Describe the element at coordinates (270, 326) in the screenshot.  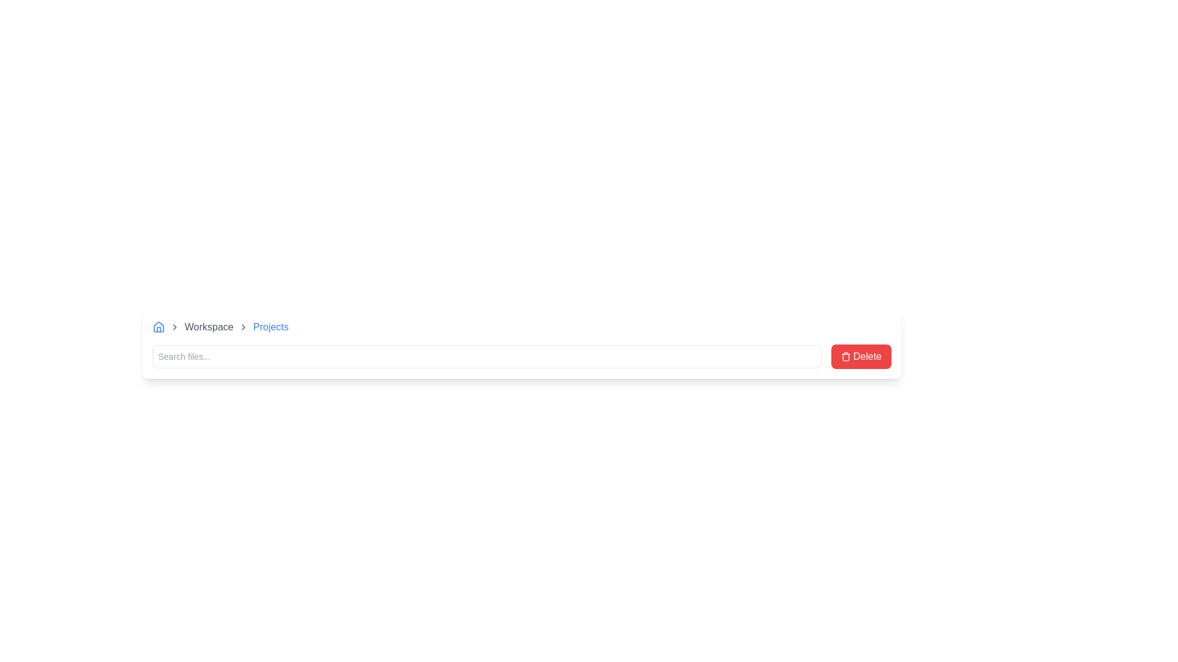
I see `the endpoint label in the breadcrumb navigation trail that indicates the current page or section, located at the far-right end of the breadcrumb text sequence after the 'Workspace' text` at that location.